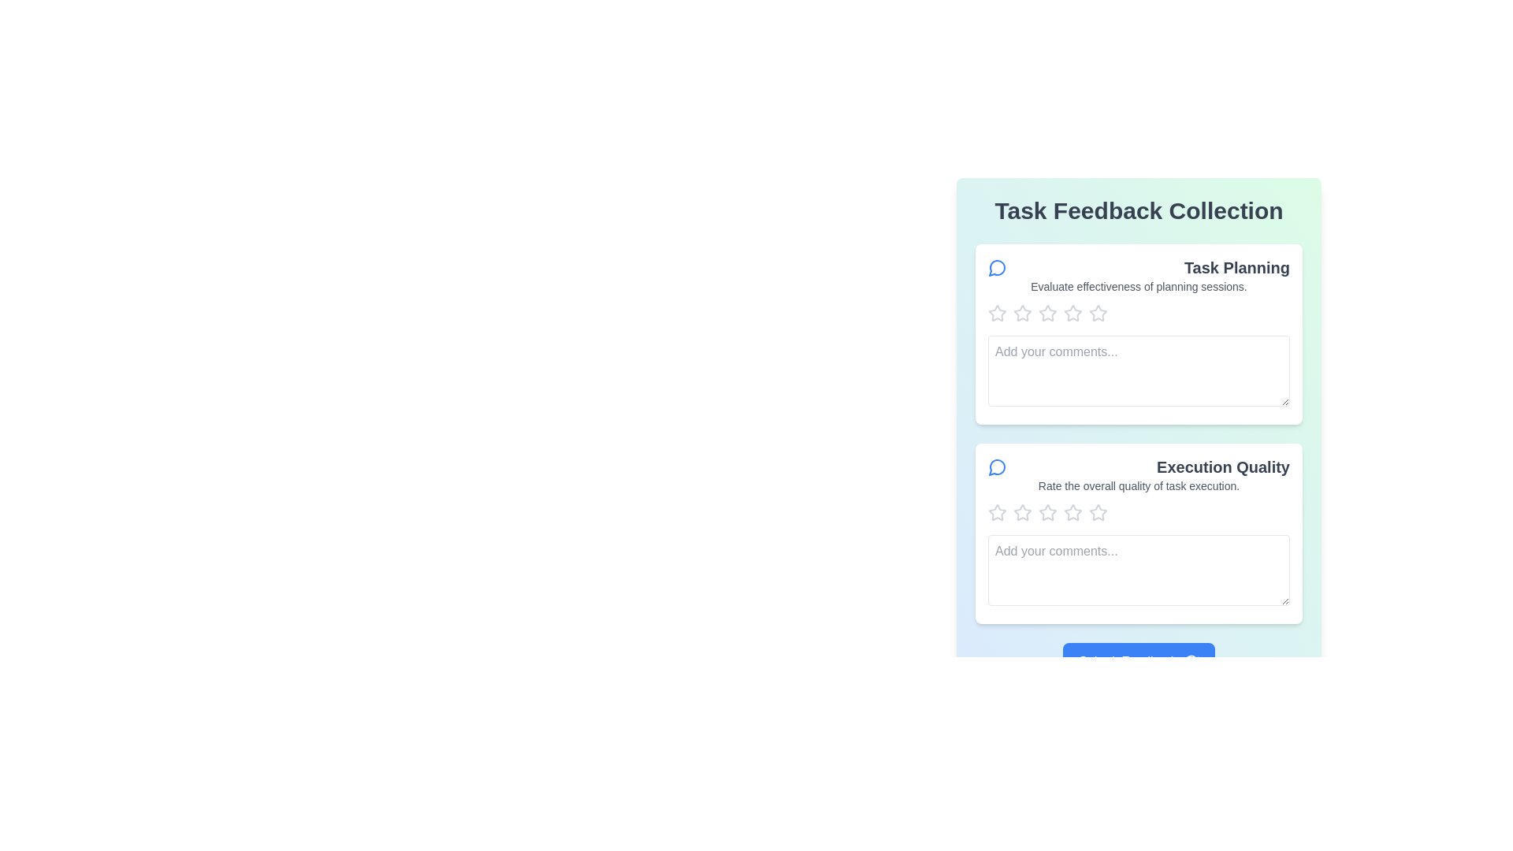 Image resolution: width=1513 pixels, height=851 pixels. I want to click on the first star, so click(997, 512).